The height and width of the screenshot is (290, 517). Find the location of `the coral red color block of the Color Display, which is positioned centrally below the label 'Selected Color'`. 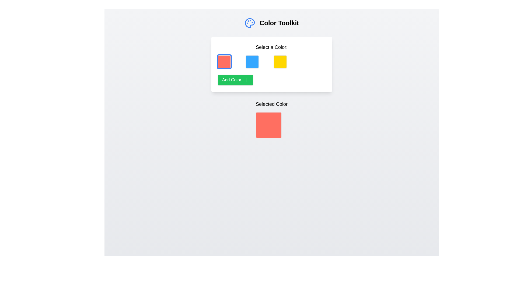

the coral red color block of the Color Display, which is positioned centrally below the label 'Selected Color' is located at coordinates (271, 119).